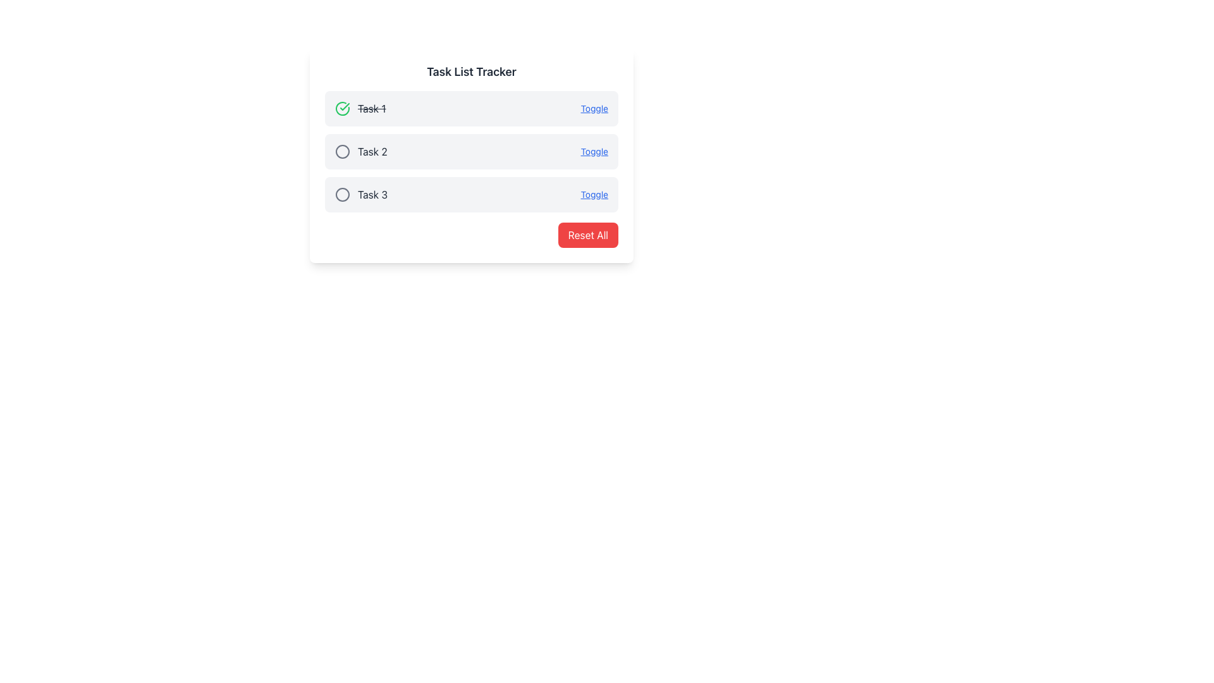 This screenshot has height=683, width=1214. What do you see at coordinates (343, 151) in the screenshot?
I see `the SVG circle element which serves as the completion indicator for 'Task 2' in the task list` at bounding box center [343, 151].